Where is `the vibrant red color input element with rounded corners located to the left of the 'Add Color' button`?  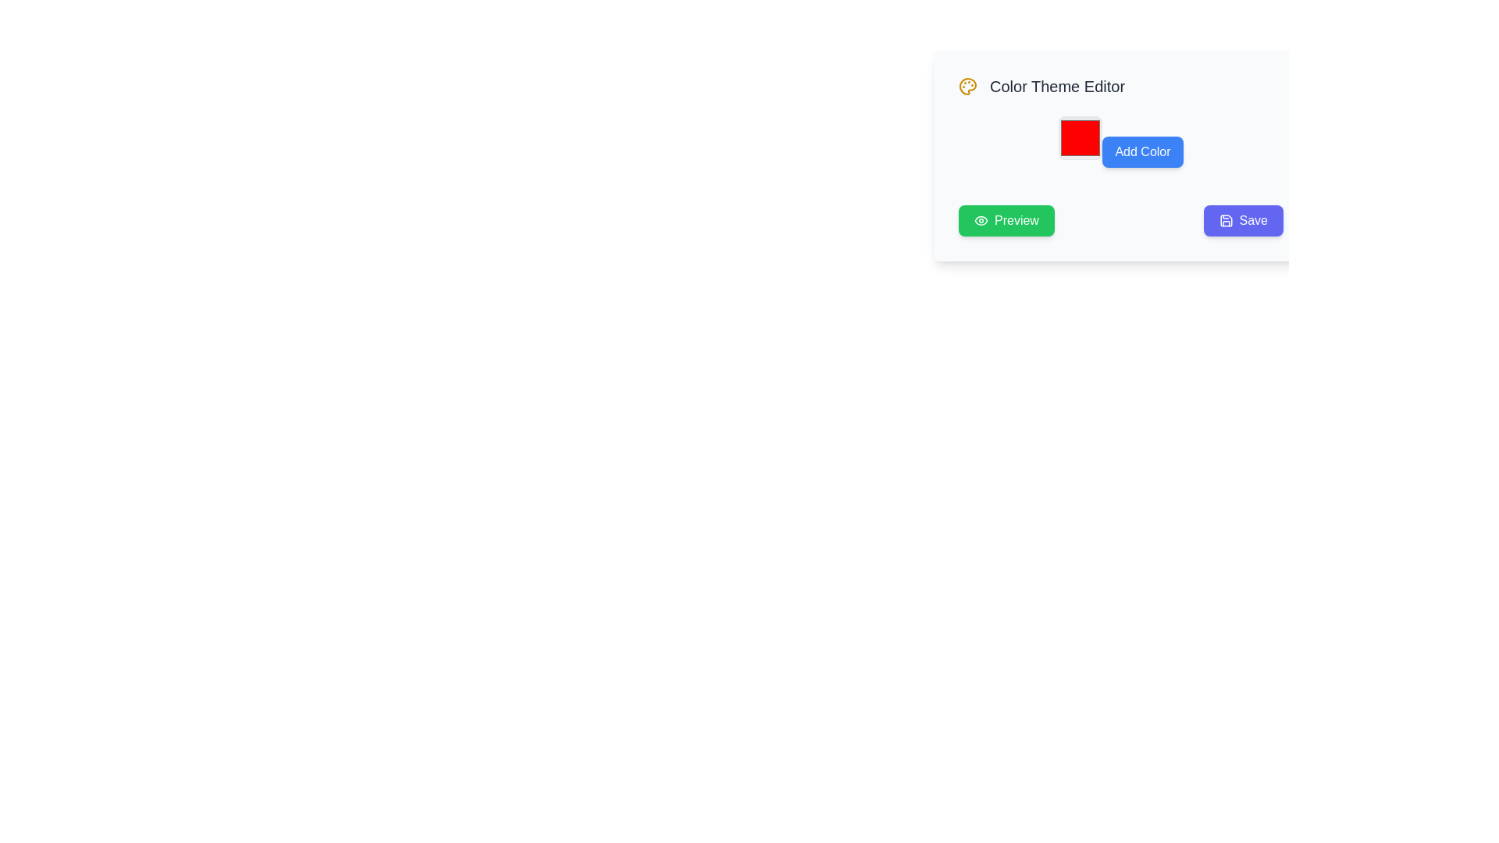
the vibrant red color input element with rounded corners located to the left of the 'Add Color' button is located at coordinates (1080, 137).